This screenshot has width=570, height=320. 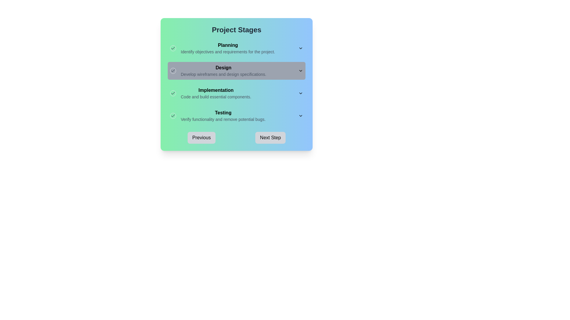 I want to click on the text label displaying the phrase 'Develop wireframes and design specifications.' which is styled in a smaller, gray font and located below the bolded word 'Design.', so click(x=223, y=74).